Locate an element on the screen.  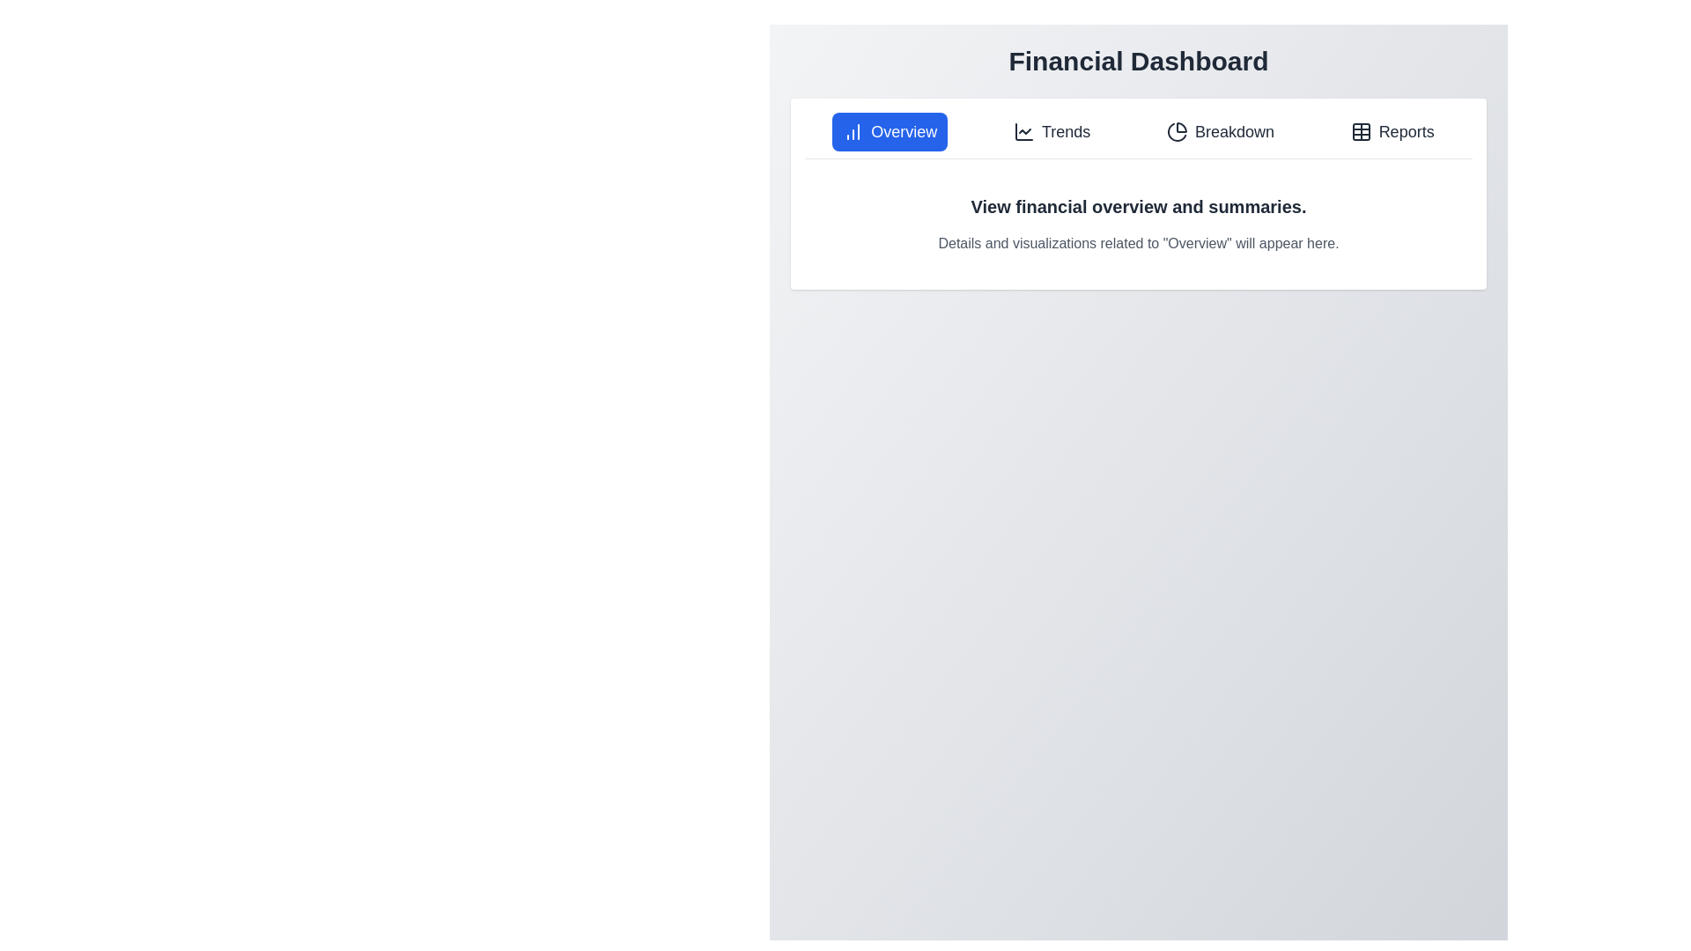
the tab labeled Overview is located at coordinates (890, 131).